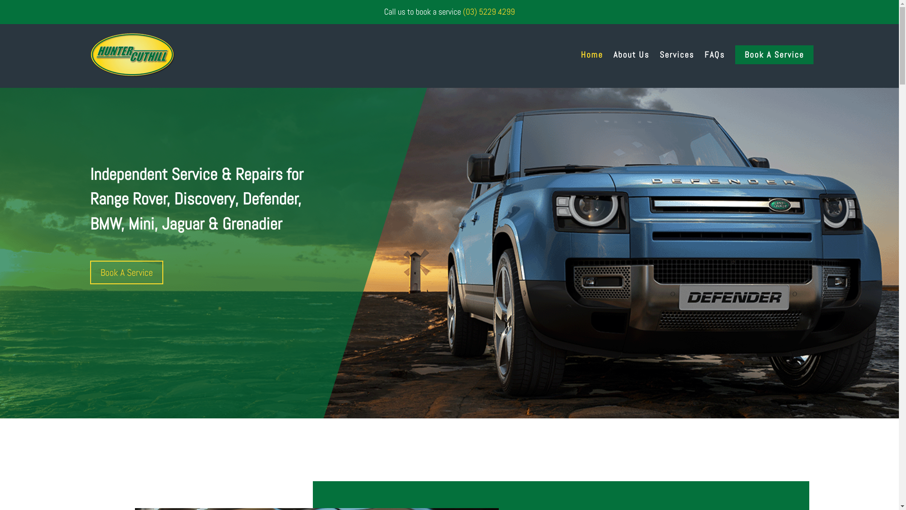 This screenshot has width=906, height=510. Describe the element at coordinates (714, 54) in the screenshot. I see `'FAQs'` at that location.